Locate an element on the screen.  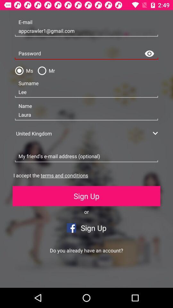
password is located at coordinates (86, 53).